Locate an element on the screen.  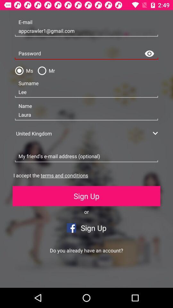
password is located at coordinates (86, 53).